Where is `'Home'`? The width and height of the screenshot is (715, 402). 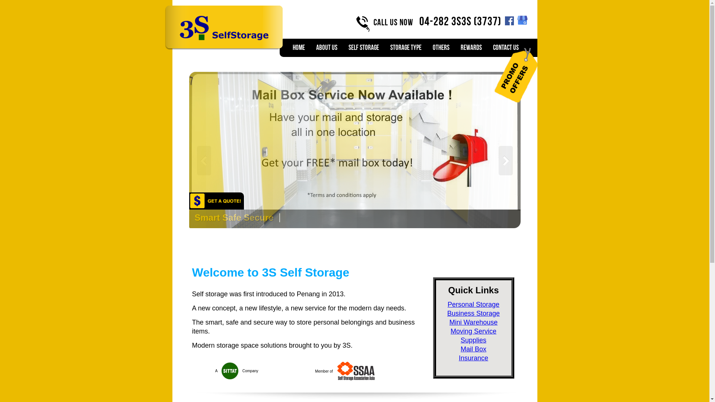 'Home' is located at coordinates (299, 48).